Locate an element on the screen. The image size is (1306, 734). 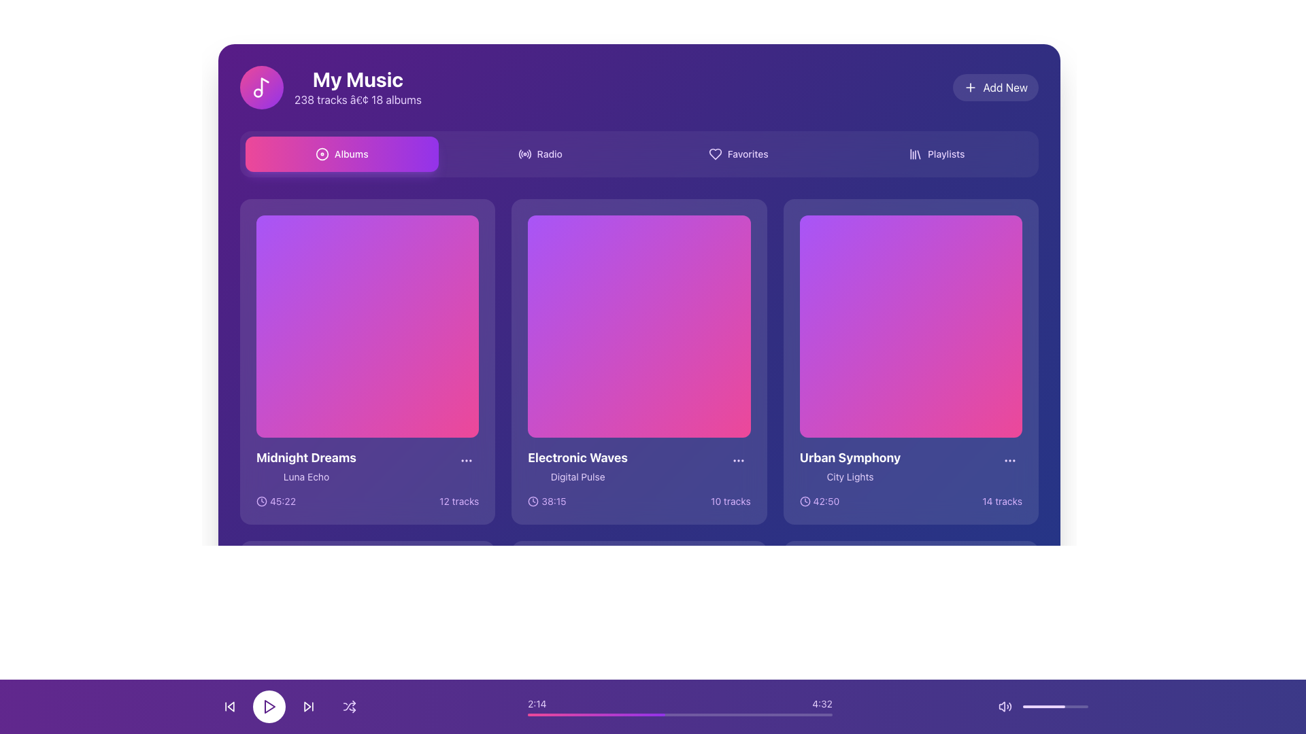
the 'Favorites' icon in the navigation bar is located at coordinates (714, 154).